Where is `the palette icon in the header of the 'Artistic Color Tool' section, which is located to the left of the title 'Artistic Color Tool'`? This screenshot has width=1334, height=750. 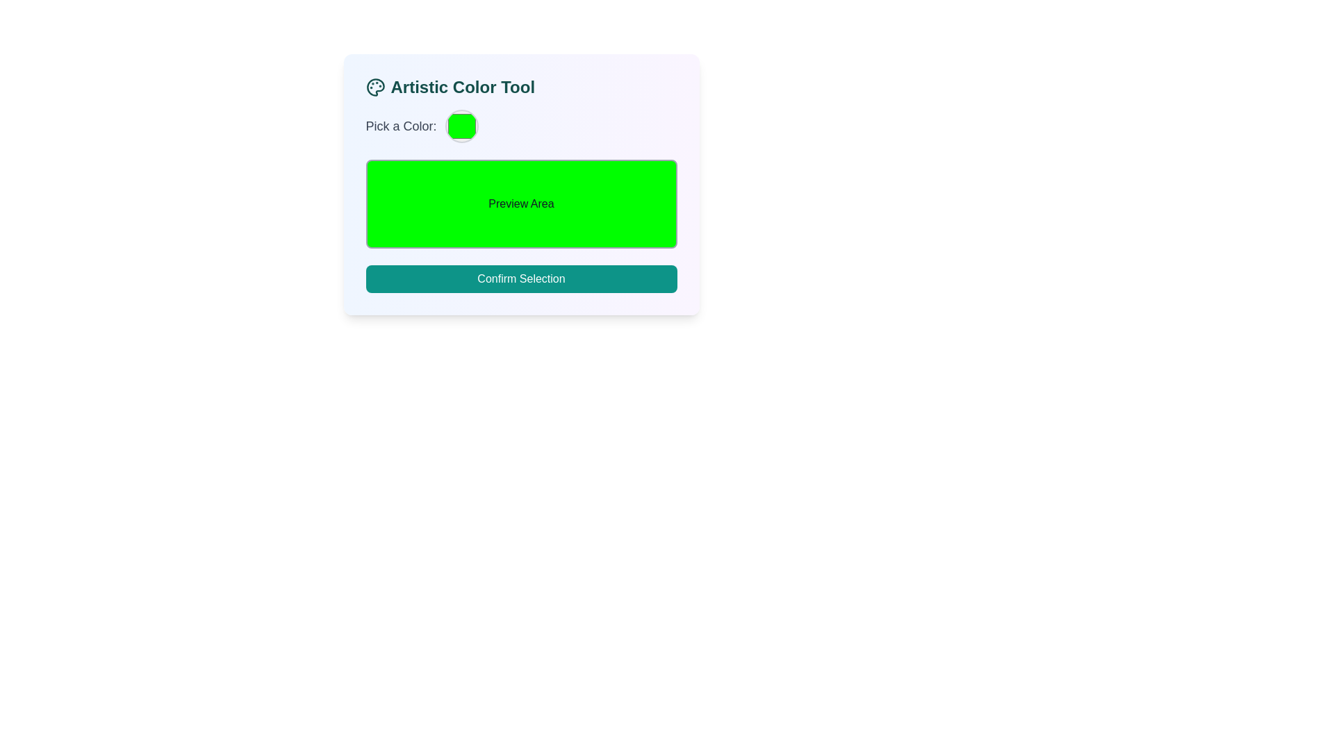 the palette icon in the header of the 'Artistic Color Tool' section, which is located to the left of the title 'Artistic Color Tool' is located at coordinates (375, 87).